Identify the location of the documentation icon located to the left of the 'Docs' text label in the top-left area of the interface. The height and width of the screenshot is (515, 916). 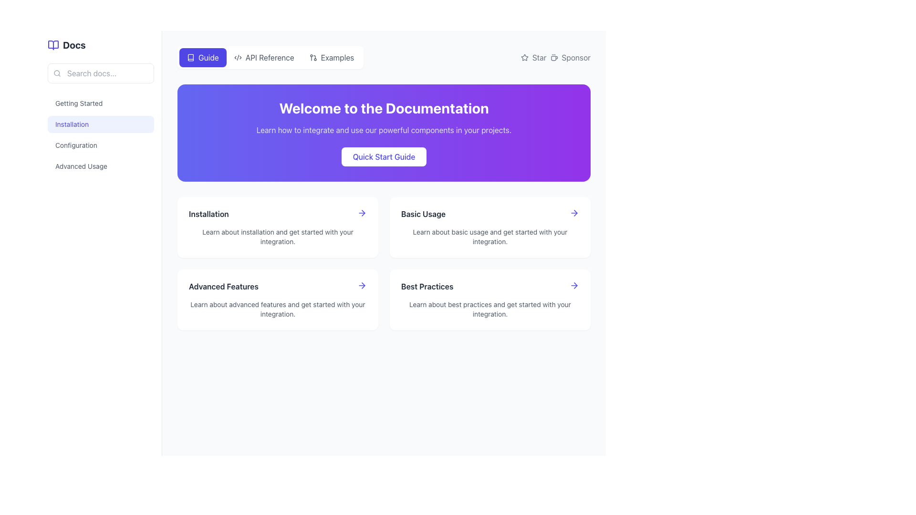
(52, 45).